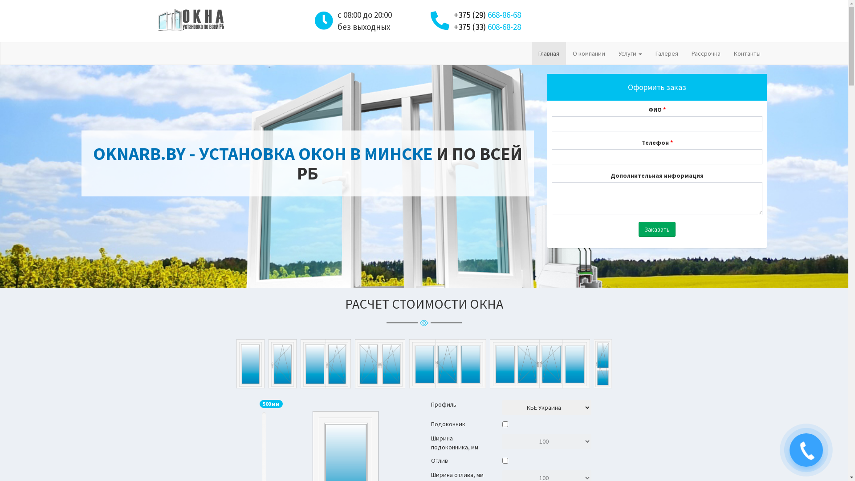 The height and width of the screenshot is (481, 855). Describe the element at coordinates (487, 26) in the screenshot. I see `'+375 (33) 608-68-28'` at that location.